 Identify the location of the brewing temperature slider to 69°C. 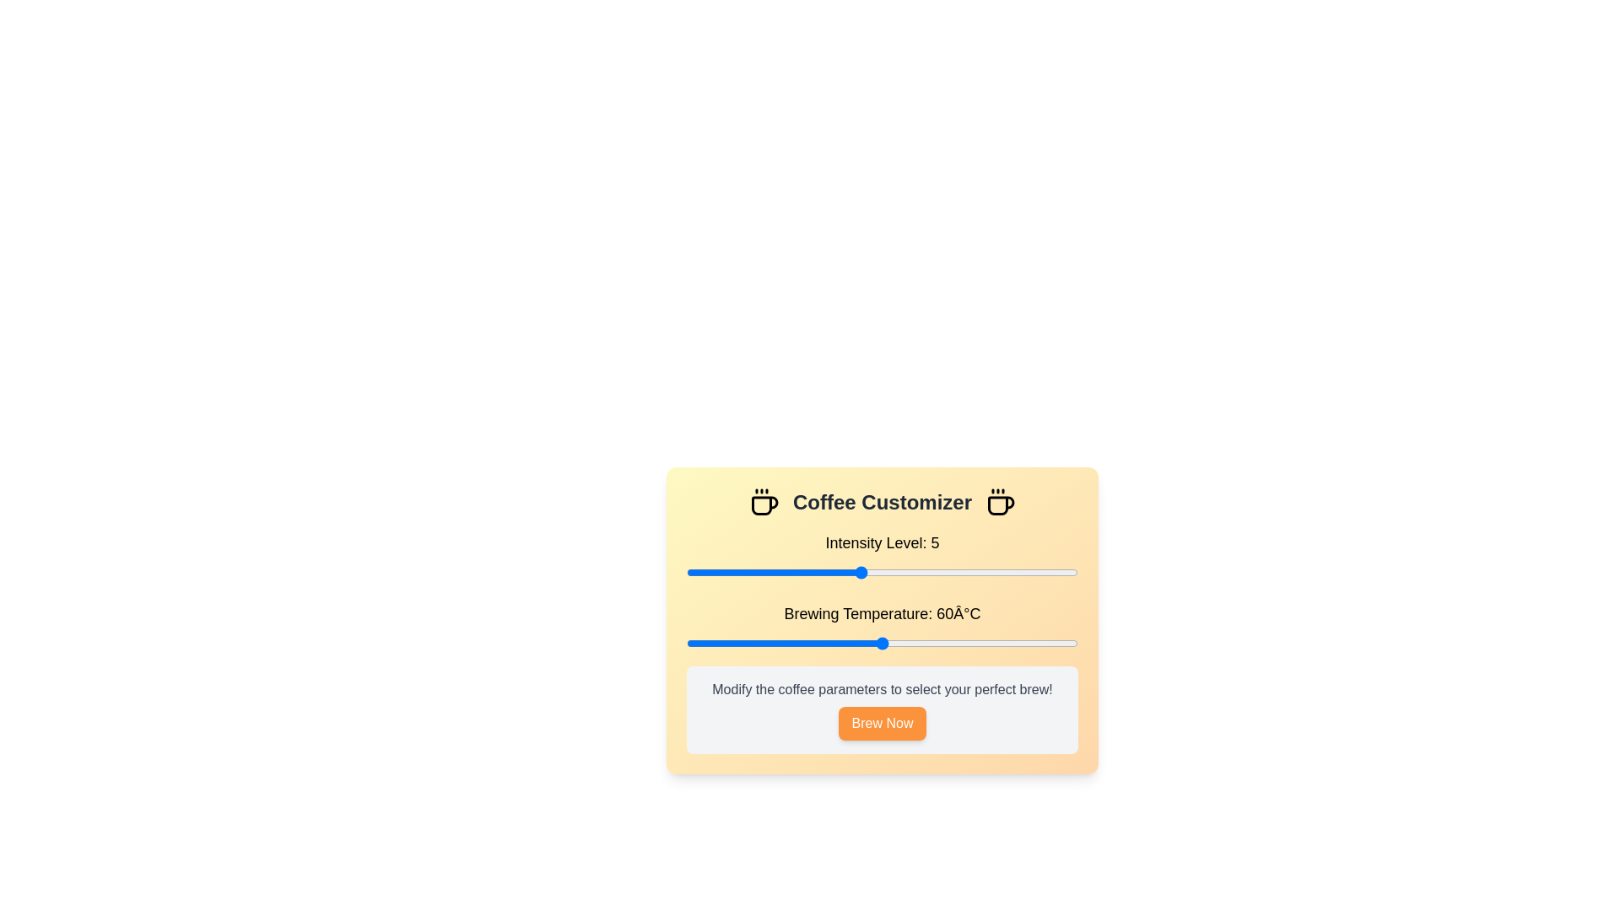
(940, 644).